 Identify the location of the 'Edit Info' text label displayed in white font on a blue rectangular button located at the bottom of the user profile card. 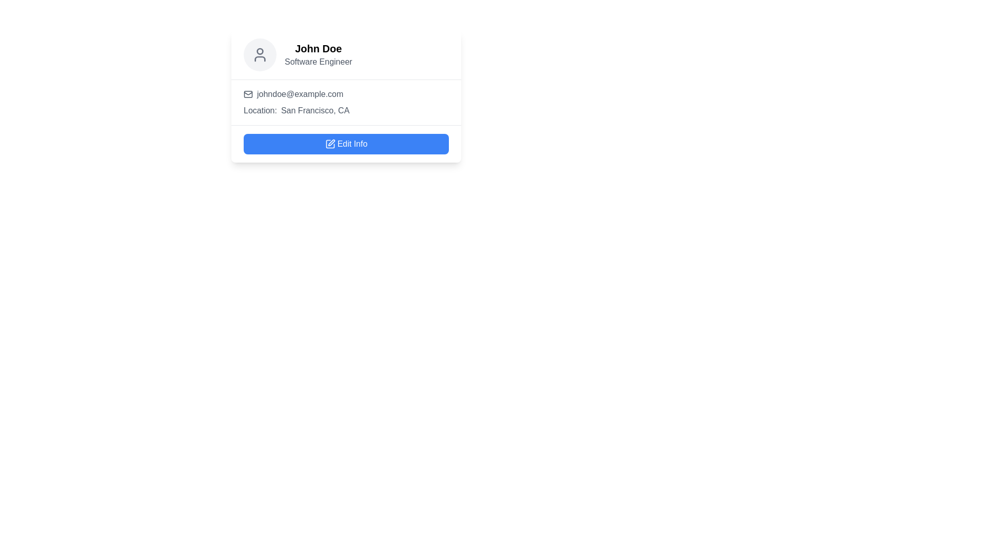
(352, 144).